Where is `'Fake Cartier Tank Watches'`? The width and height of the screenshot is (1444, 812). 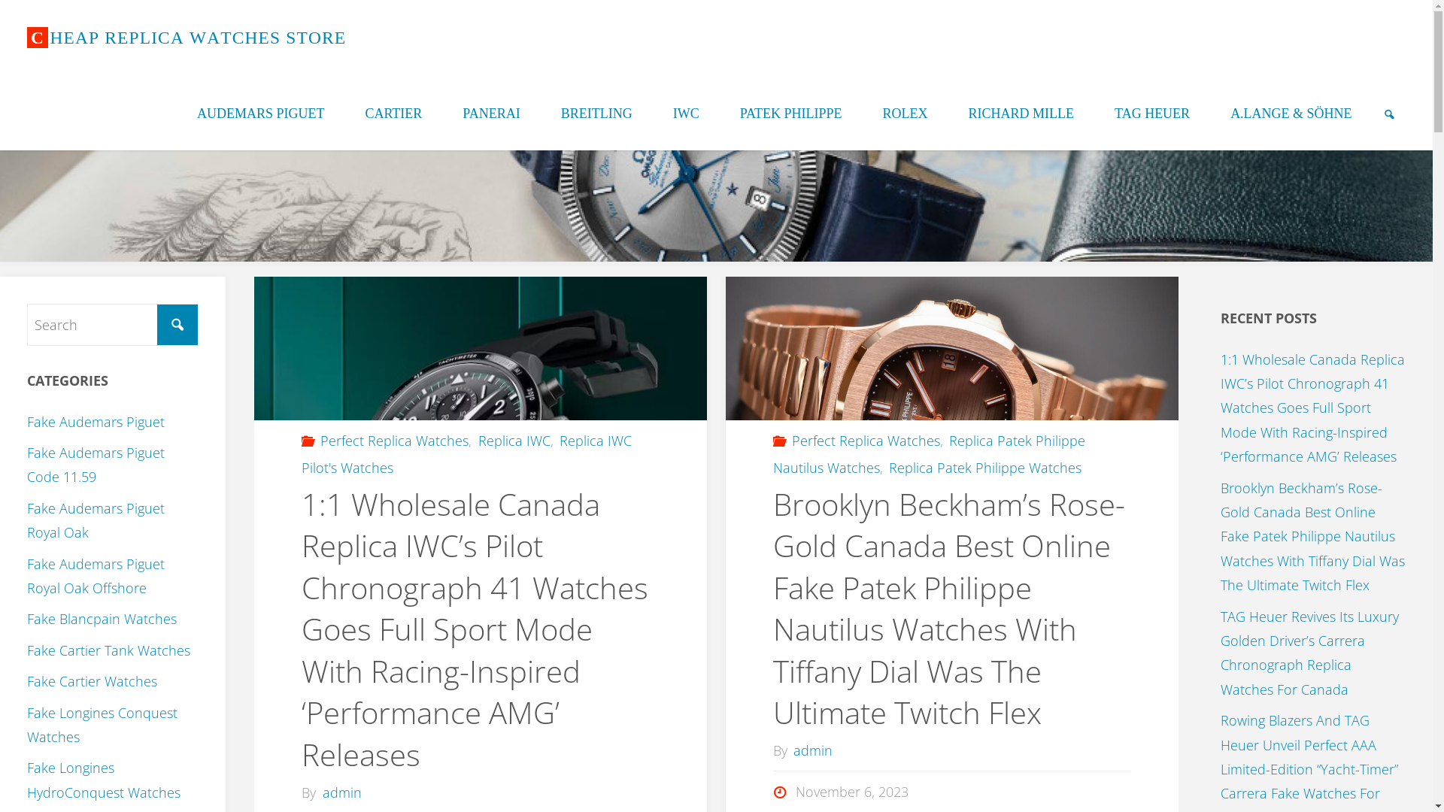
'Fake Cartier Tank Watches' is located at coordinates (108, 649).